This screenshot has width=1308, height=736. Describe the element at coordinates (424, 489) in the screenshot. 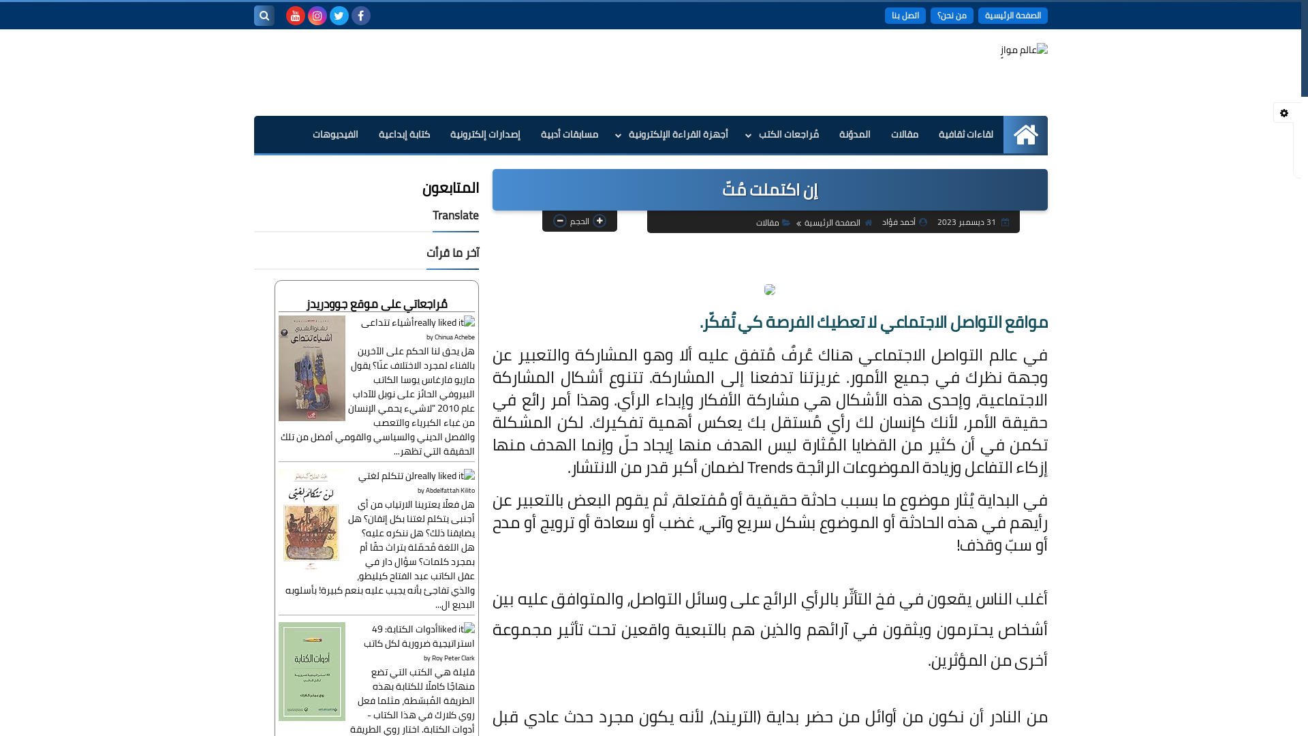

I see `'Abdelfattah Kilito'` at that location.